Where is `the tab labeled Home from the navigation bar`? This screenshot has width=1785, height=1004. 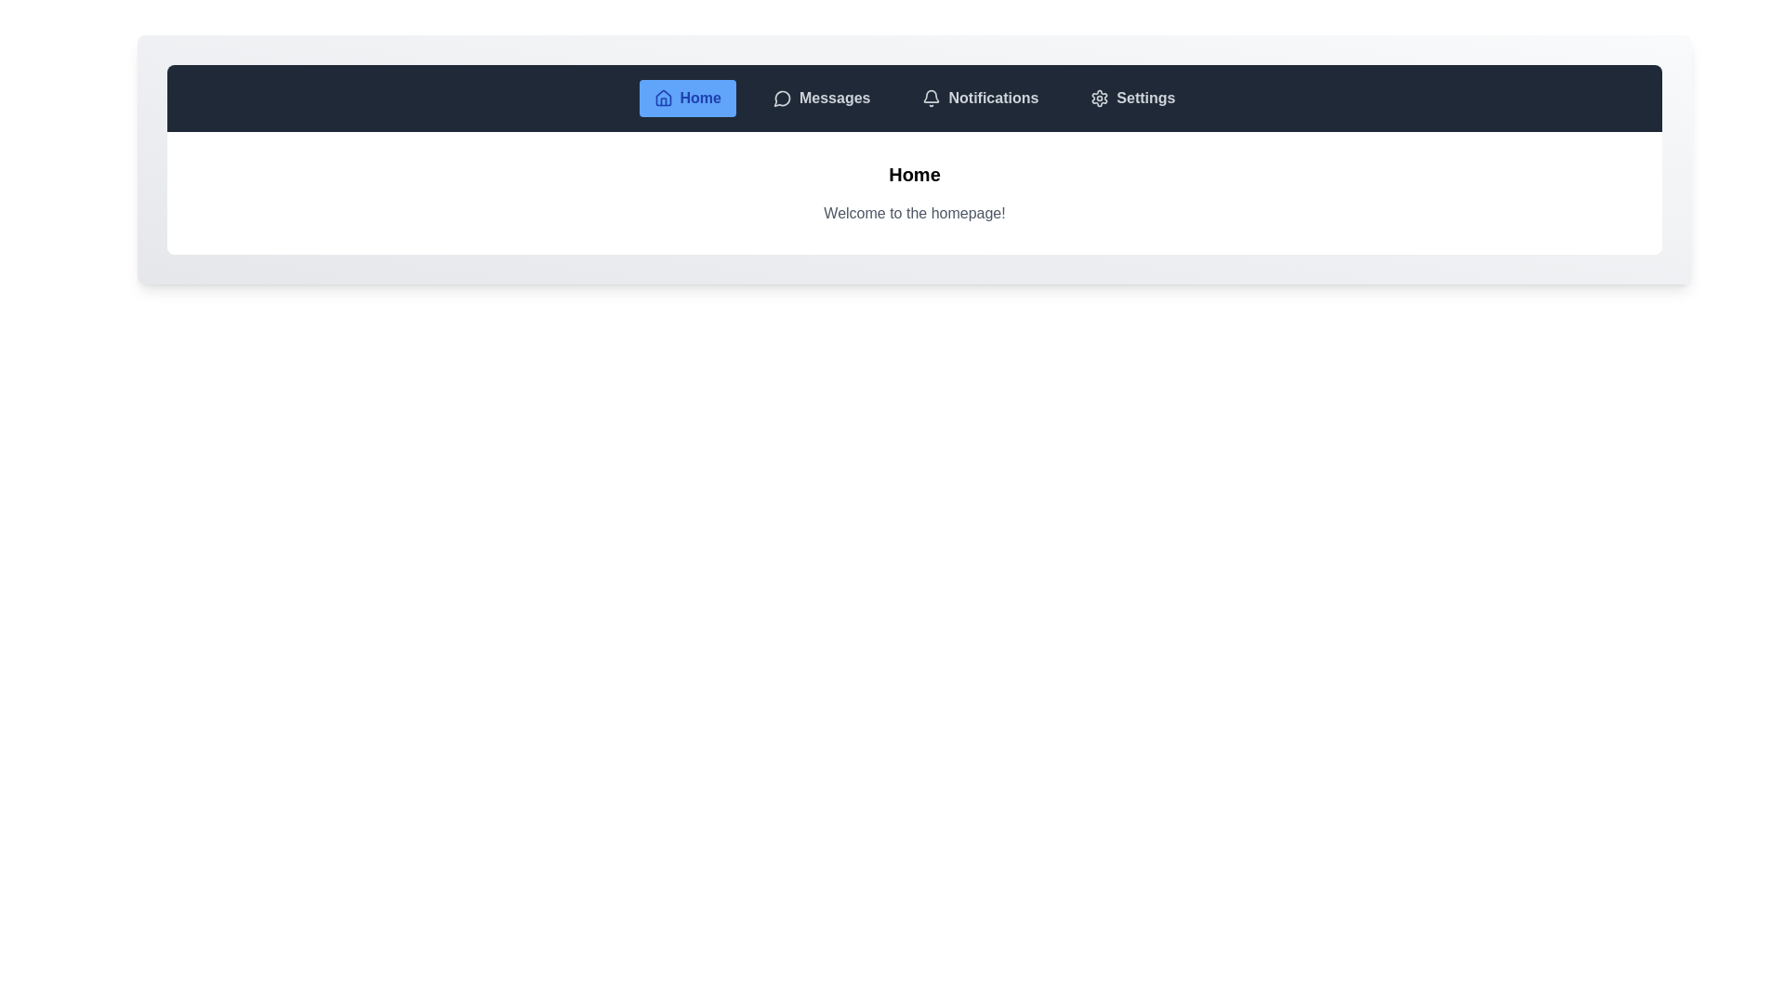
the tab labeled Home from the navigation bar is located at coordinates (686, 98).